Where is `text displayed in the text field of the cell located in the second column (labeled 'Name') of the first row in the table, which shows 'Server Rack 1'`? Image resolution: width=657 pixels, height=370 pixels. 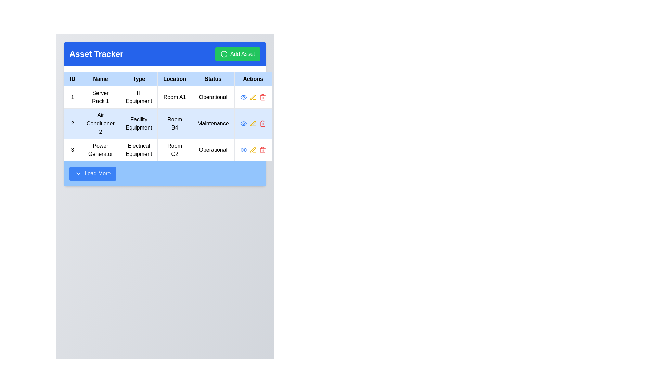
text displayed in the text field of the cell located in the second column (labeled 'Name') of the first row in the table, which shows 'Server Rack 1' is located at coordinates (100, 97).